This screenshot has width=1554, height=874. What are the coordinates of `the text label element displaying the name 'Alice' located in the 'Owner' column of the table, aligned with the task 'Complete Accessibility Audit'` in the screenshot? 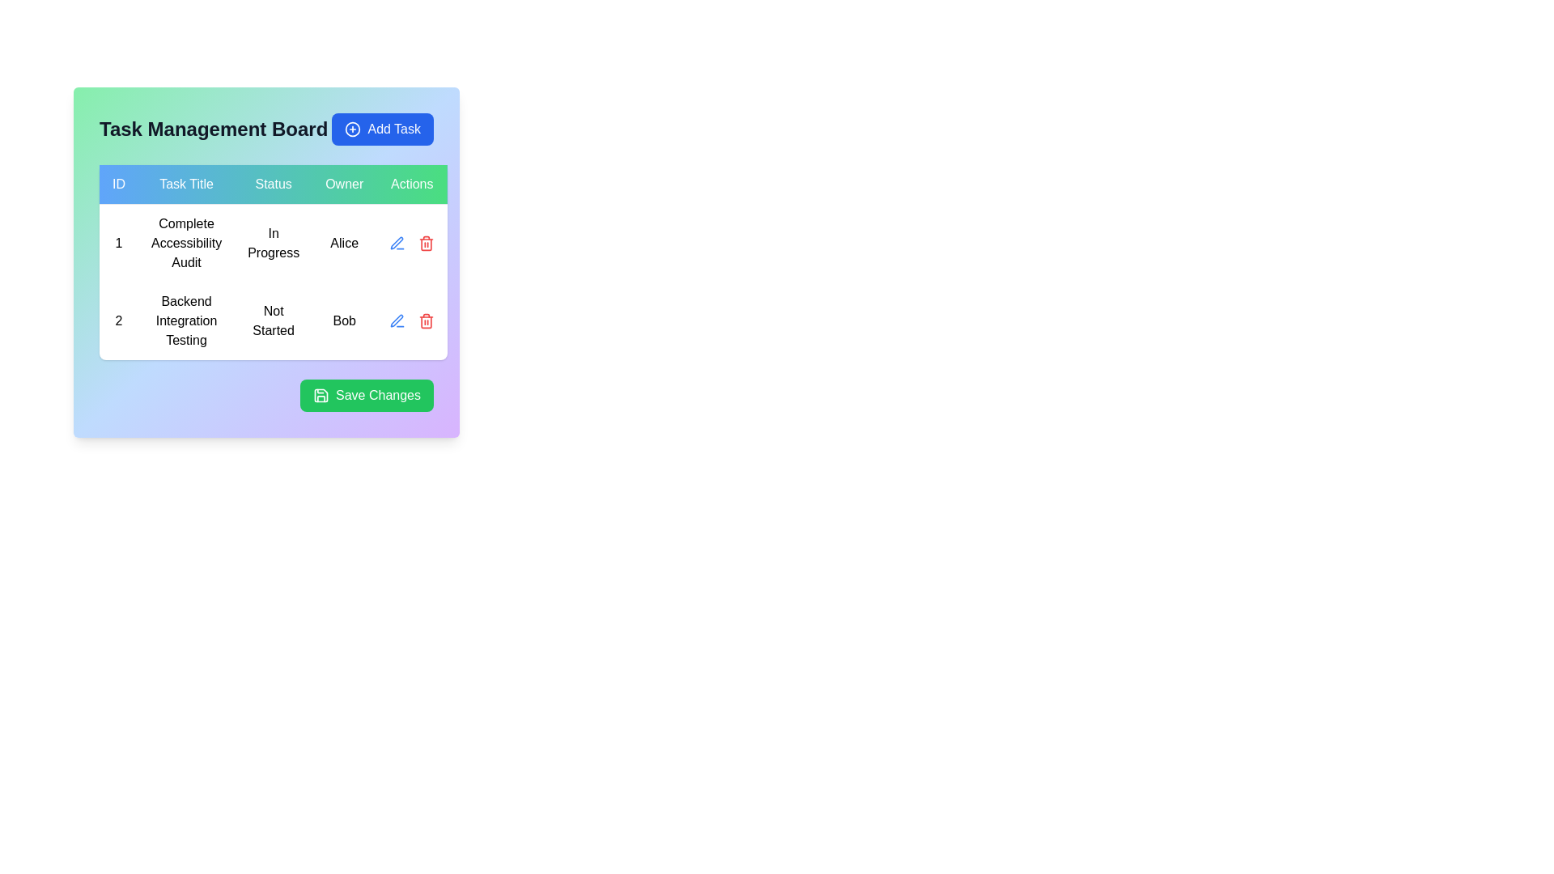 It's located at (343, 243).